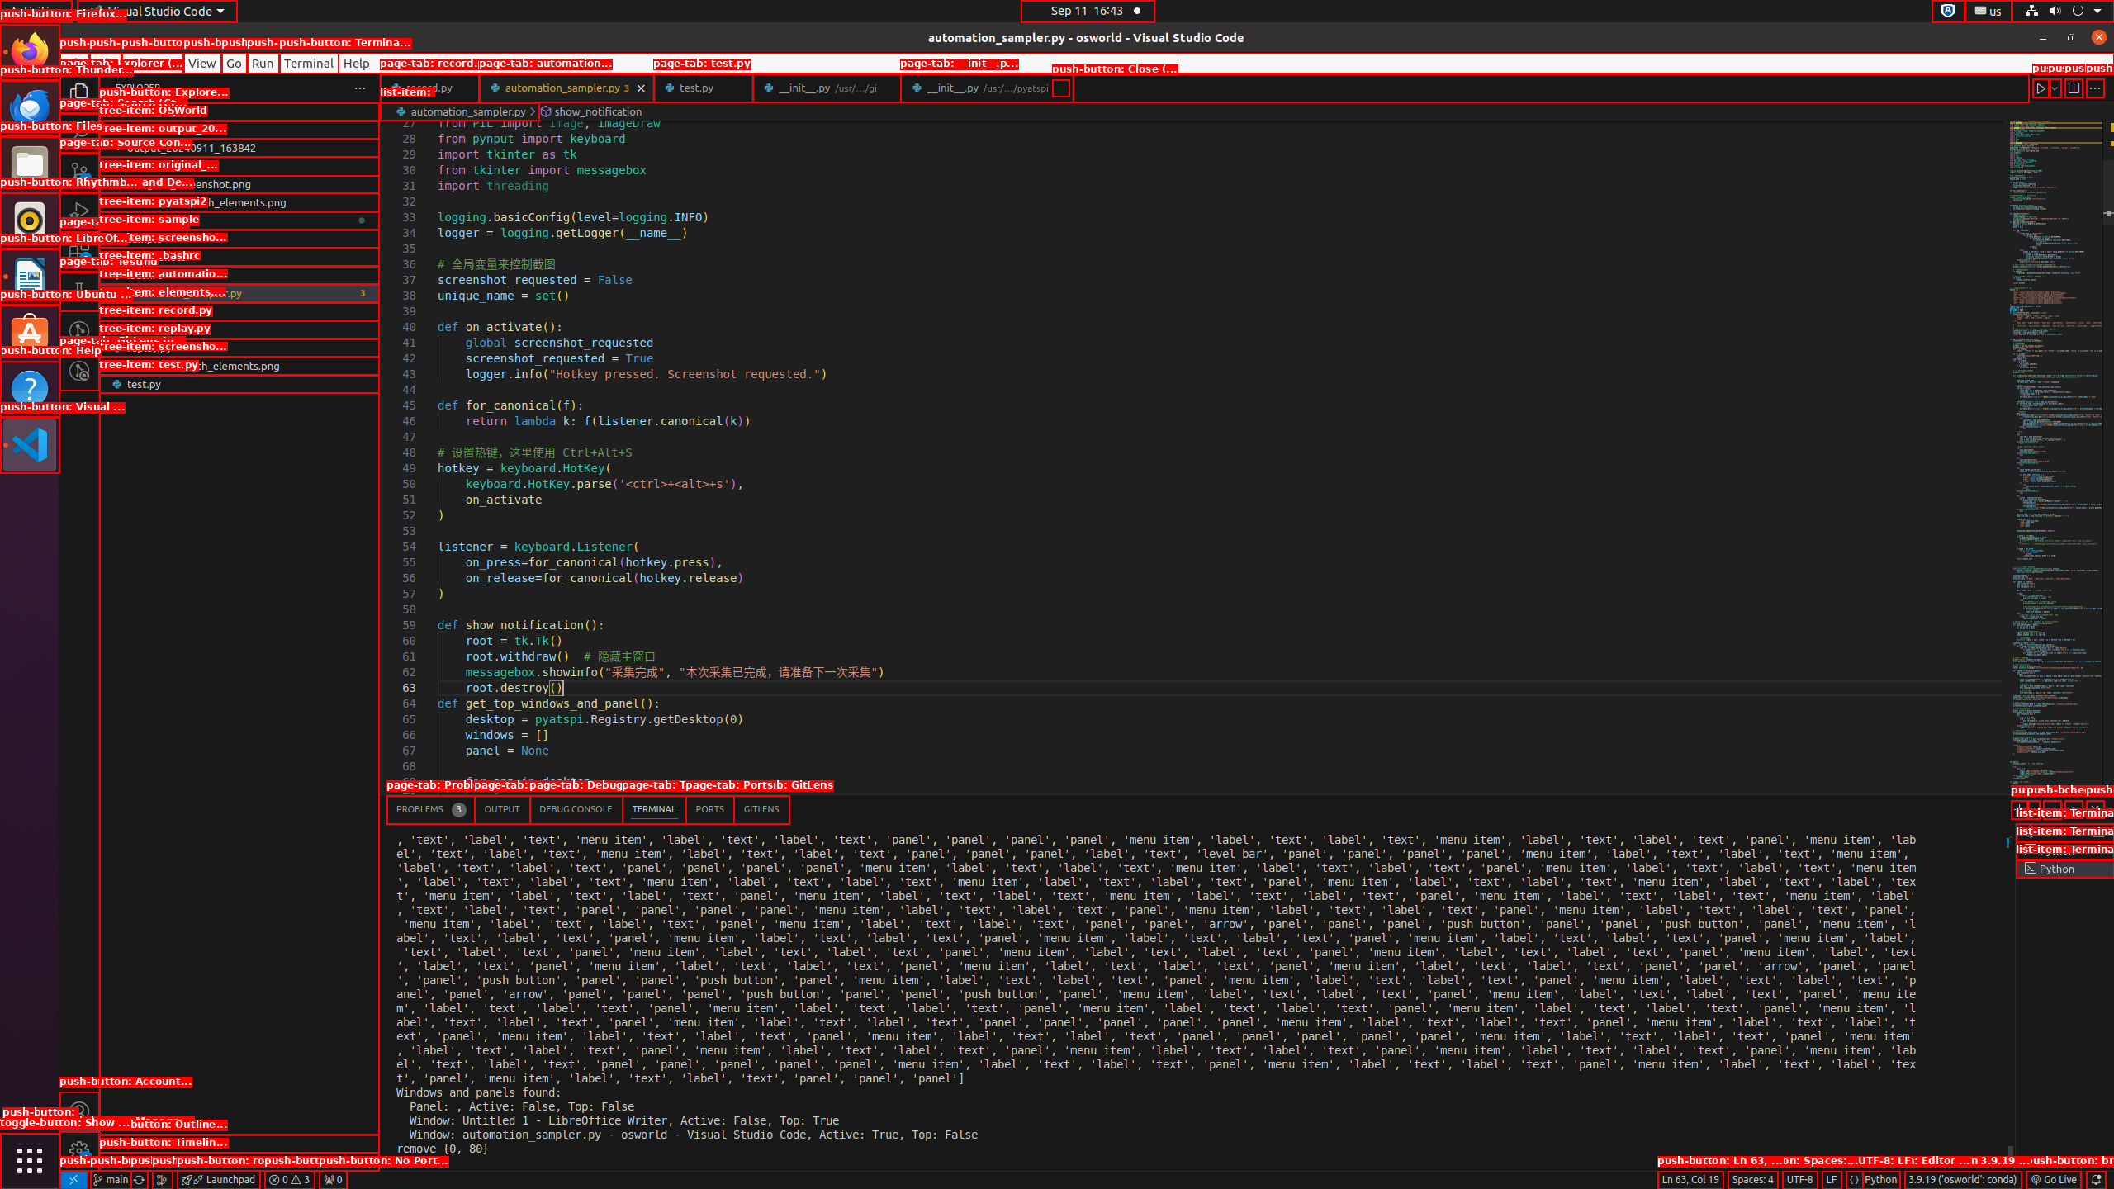 This screenshot has height=1189, width=2114. What do you see at coordinates (201, 63) in the screenshot?
I see `'View'` at bounding box center [201, 63].